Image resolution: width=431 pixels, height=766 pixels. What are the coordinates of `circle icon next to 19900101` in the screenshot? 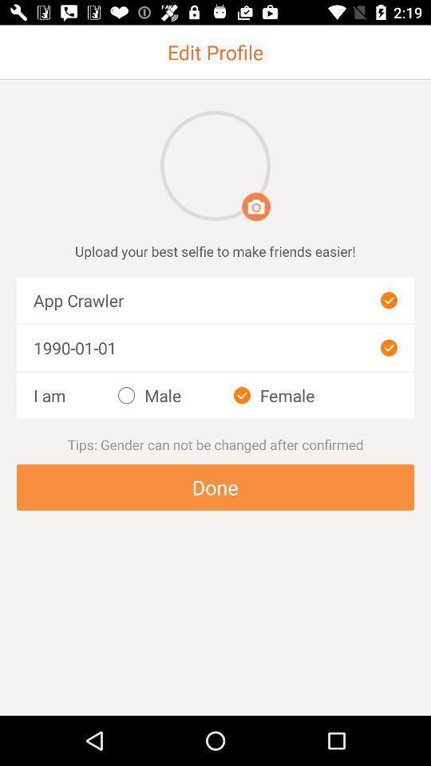 It's located at (388, 348).